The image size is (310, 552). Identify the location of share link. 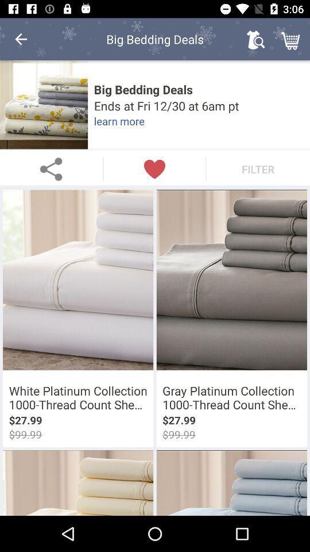
(51, 168).